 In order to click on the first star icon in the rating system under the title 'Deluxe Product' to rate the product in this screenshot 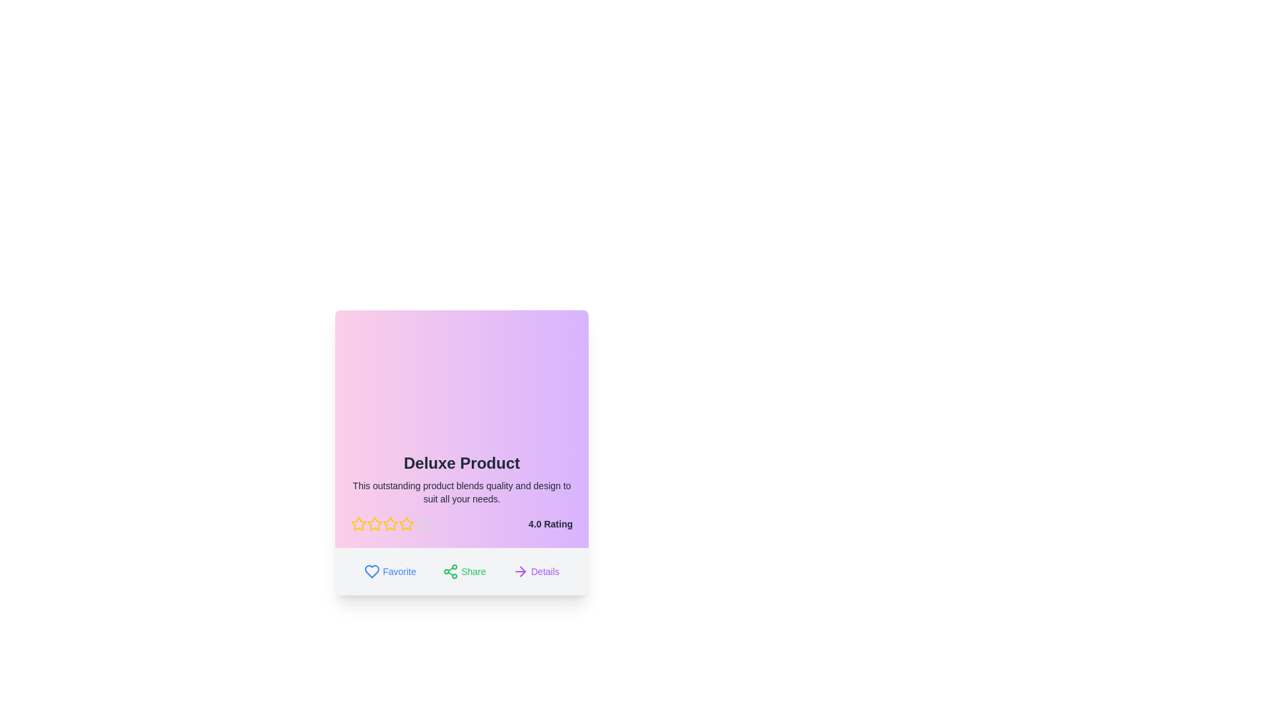, I will do `click(358, 523)`.